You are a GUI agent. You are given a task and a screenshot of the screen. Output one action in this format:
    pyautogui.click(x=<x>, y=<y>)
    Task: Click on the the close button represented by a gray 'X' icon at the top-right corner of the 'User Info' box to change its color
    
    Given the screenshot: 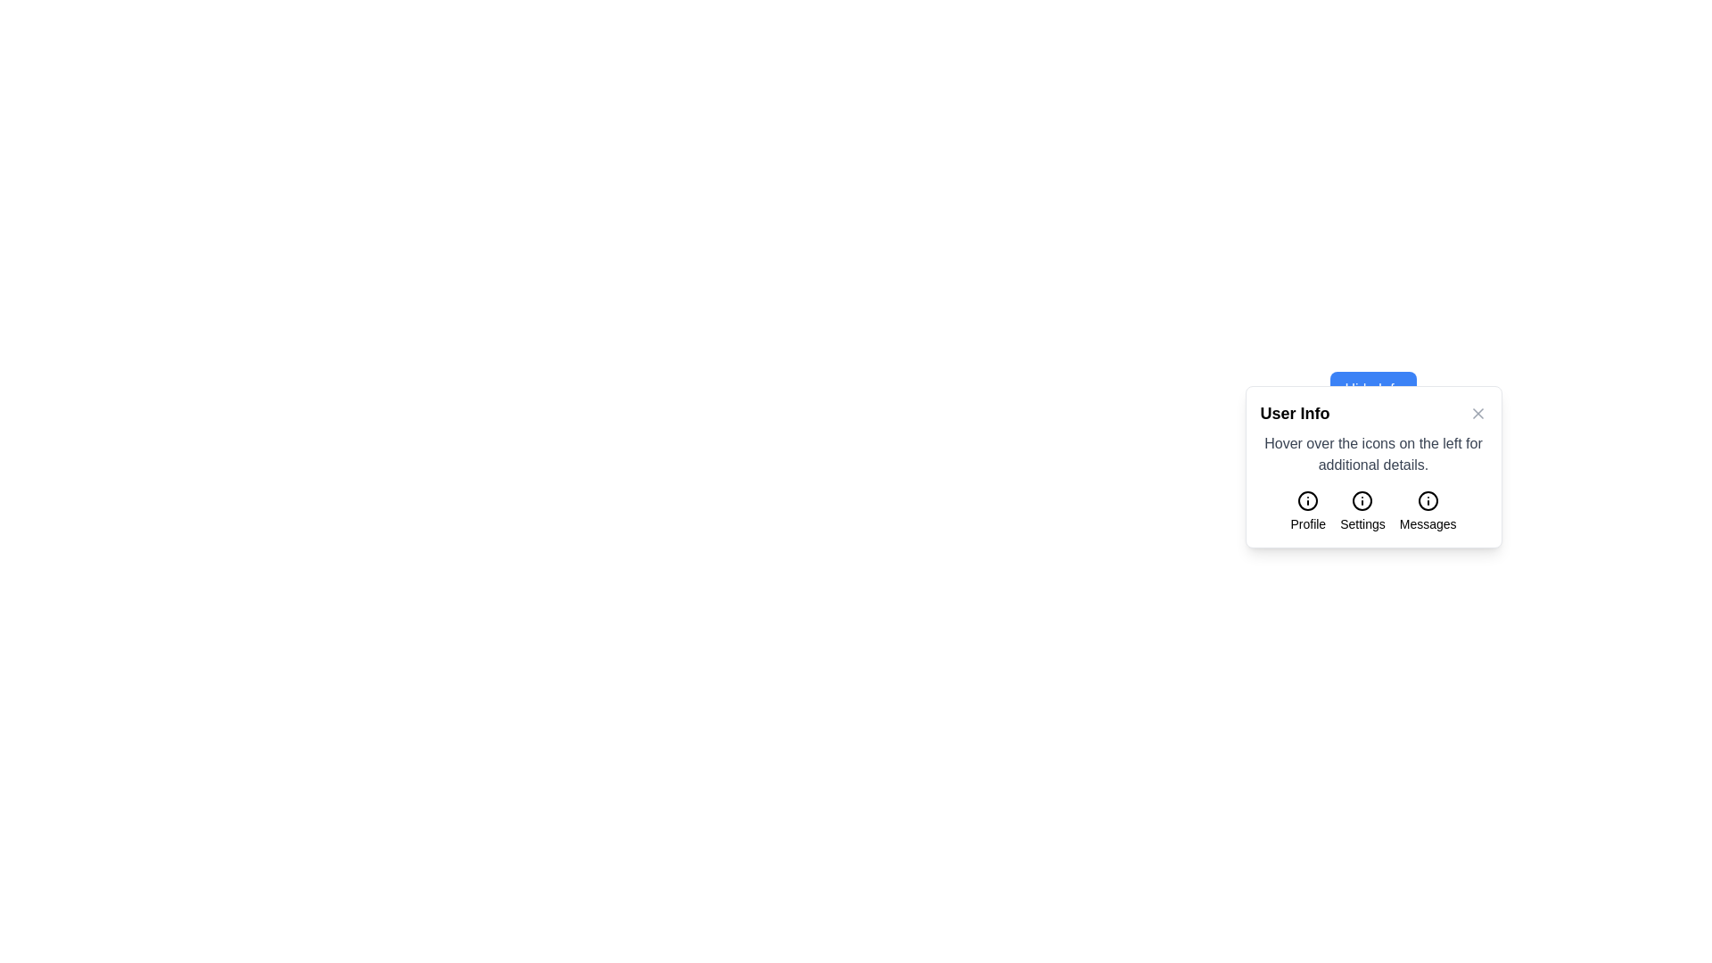 What is the action you would take?
    pyautogui.click(x=1477, y=413)
    